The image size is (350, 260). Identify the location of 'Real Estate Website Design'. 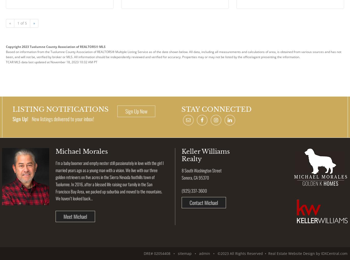
(291, 253).